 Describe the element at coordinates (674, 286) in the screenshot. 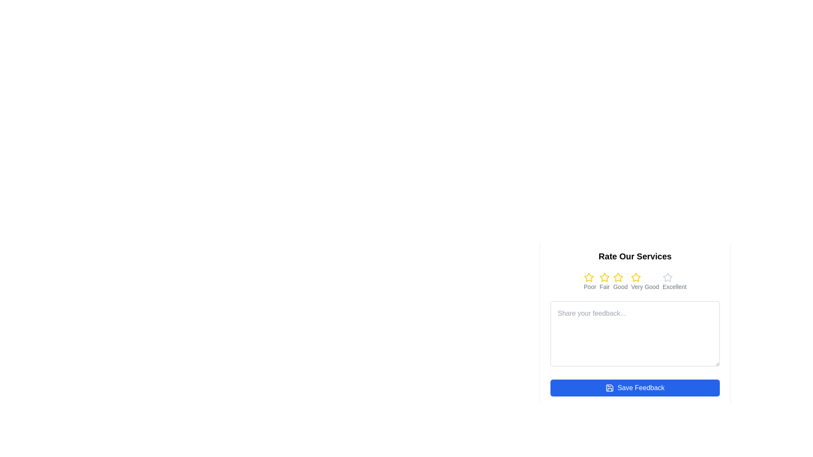

I see `the text label reading 'Excellent' which is styled in a smaller font size and located beneath the last star icon in a rating feedback component` at that location.